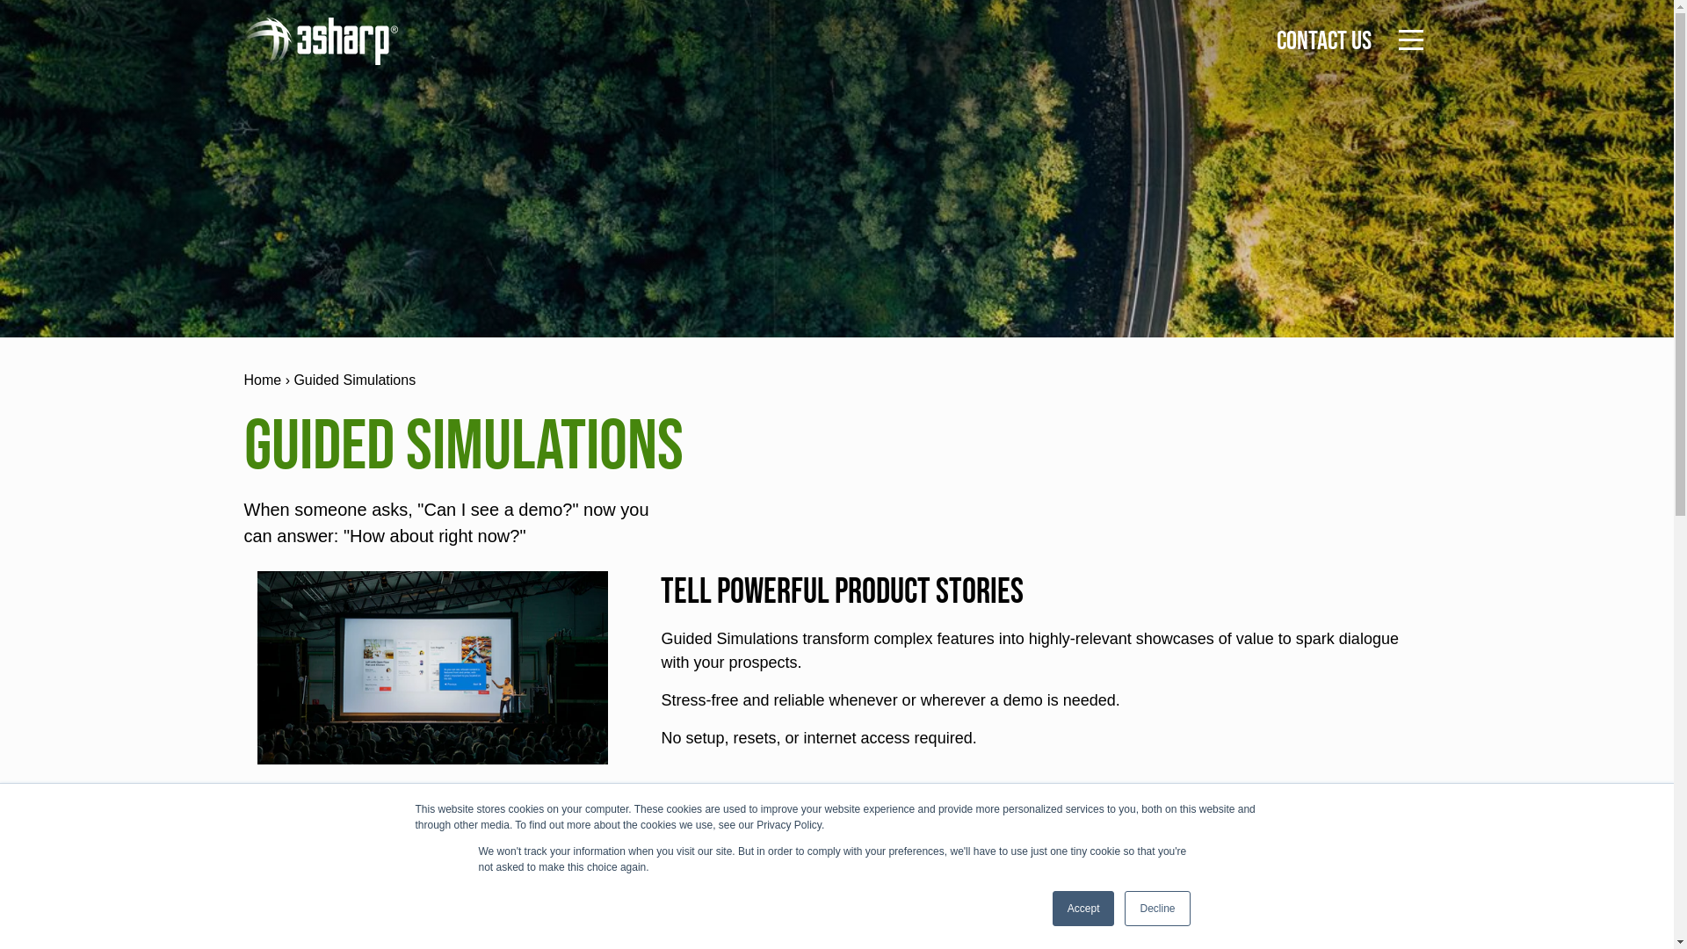 This screenshot has height=949, width=1687. I want to click on 'Home', so click(262, 379).